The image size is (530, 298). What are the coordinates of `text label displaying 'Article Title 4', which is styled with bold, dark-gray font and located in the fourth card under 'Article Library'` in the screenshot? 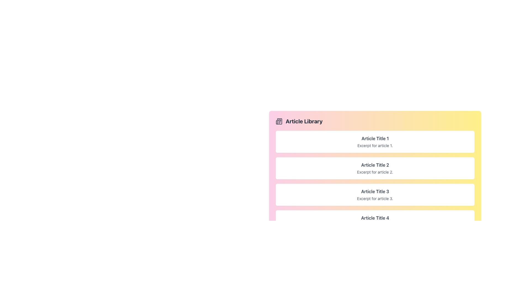 It's located at (375, 218).